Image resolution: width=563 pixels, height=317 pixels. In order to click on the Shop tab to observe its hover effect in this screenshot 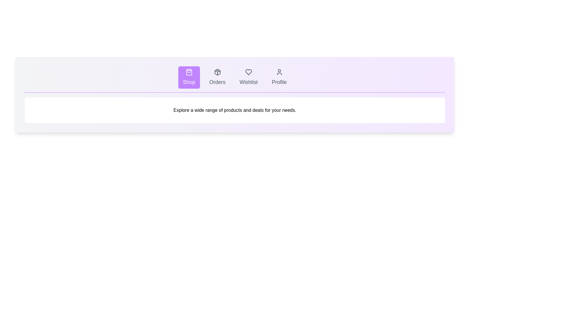, I will do `click(189, 77)`.